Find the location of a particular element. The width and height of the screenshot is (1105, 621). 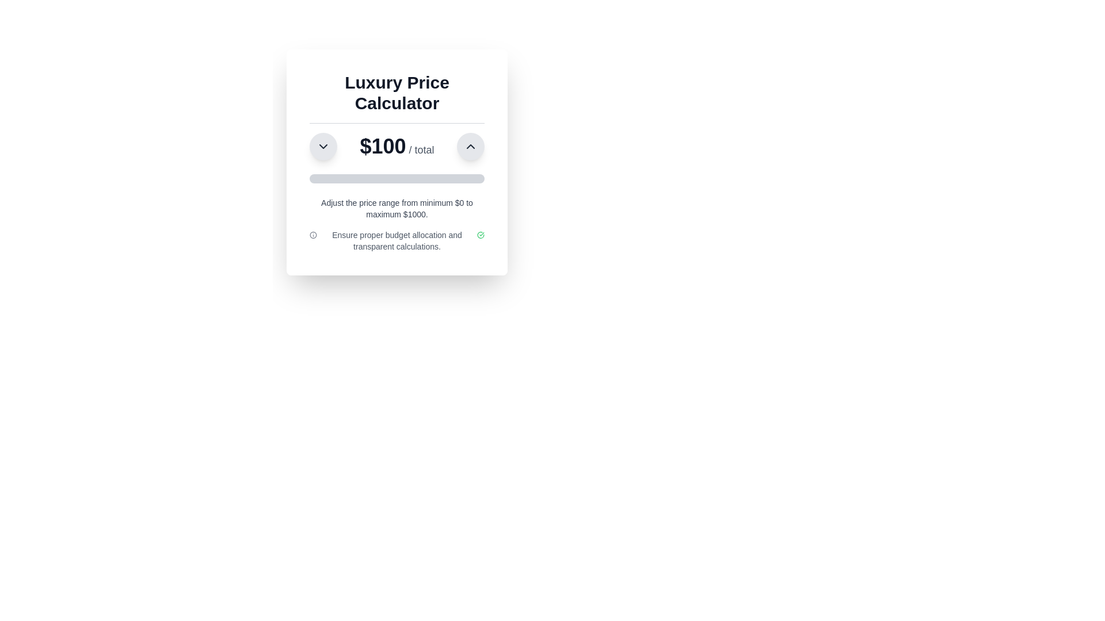

the circular button with a light gray background and a downward-pointing chevron icon is located at coordinates (322, 145).